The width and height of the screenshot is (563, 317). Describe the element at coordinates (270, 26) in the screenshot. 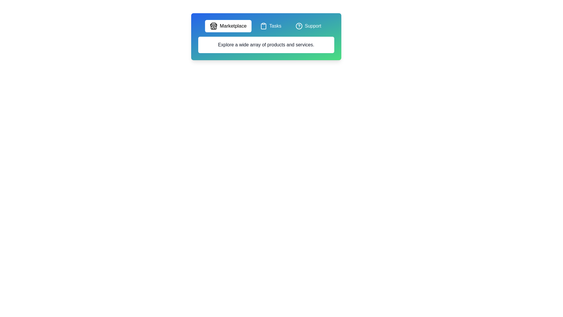

I see `the tab labeled Tasks to inspect its icon` at that location.